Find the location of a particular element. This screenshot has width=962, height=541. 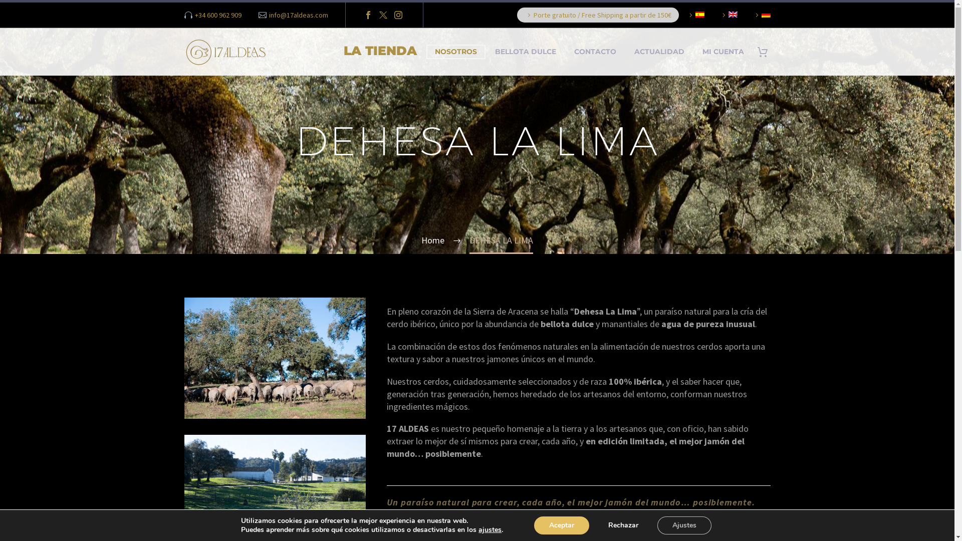

'MI CUENTA' is located at coordinates (694, 52).